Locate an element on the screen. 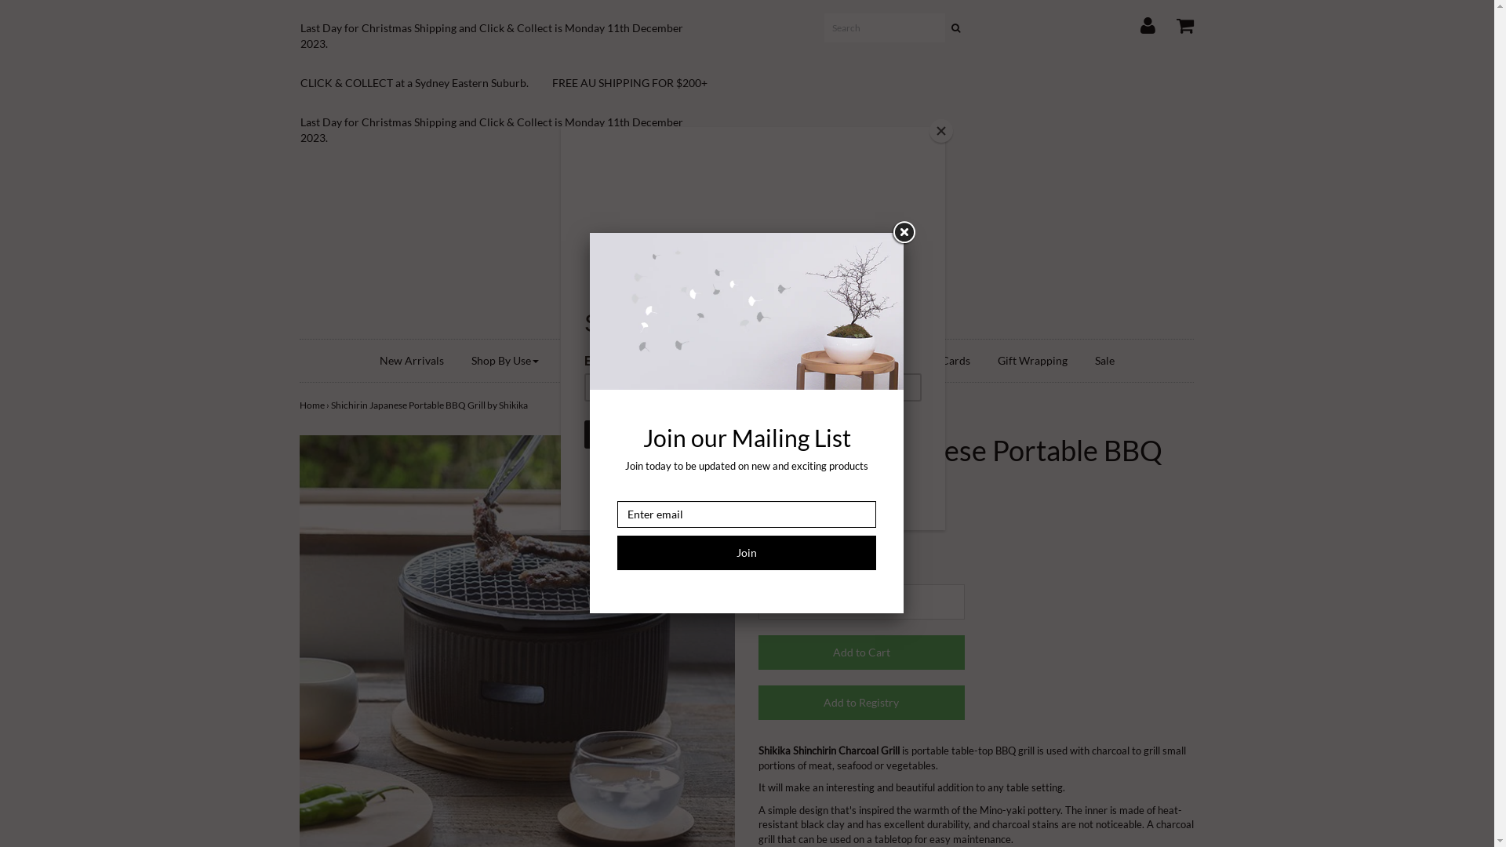  'Close' is located at coordinates (904, 233).